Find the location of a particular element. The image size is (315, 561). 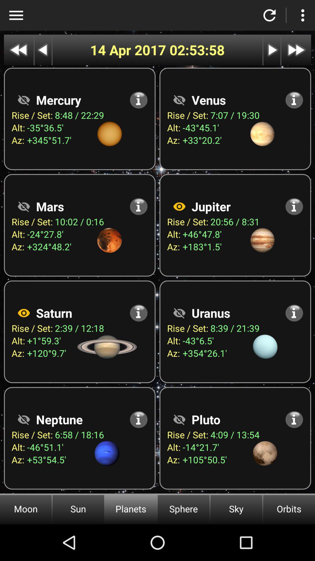

skip to next is located at coordinates (296, 50).